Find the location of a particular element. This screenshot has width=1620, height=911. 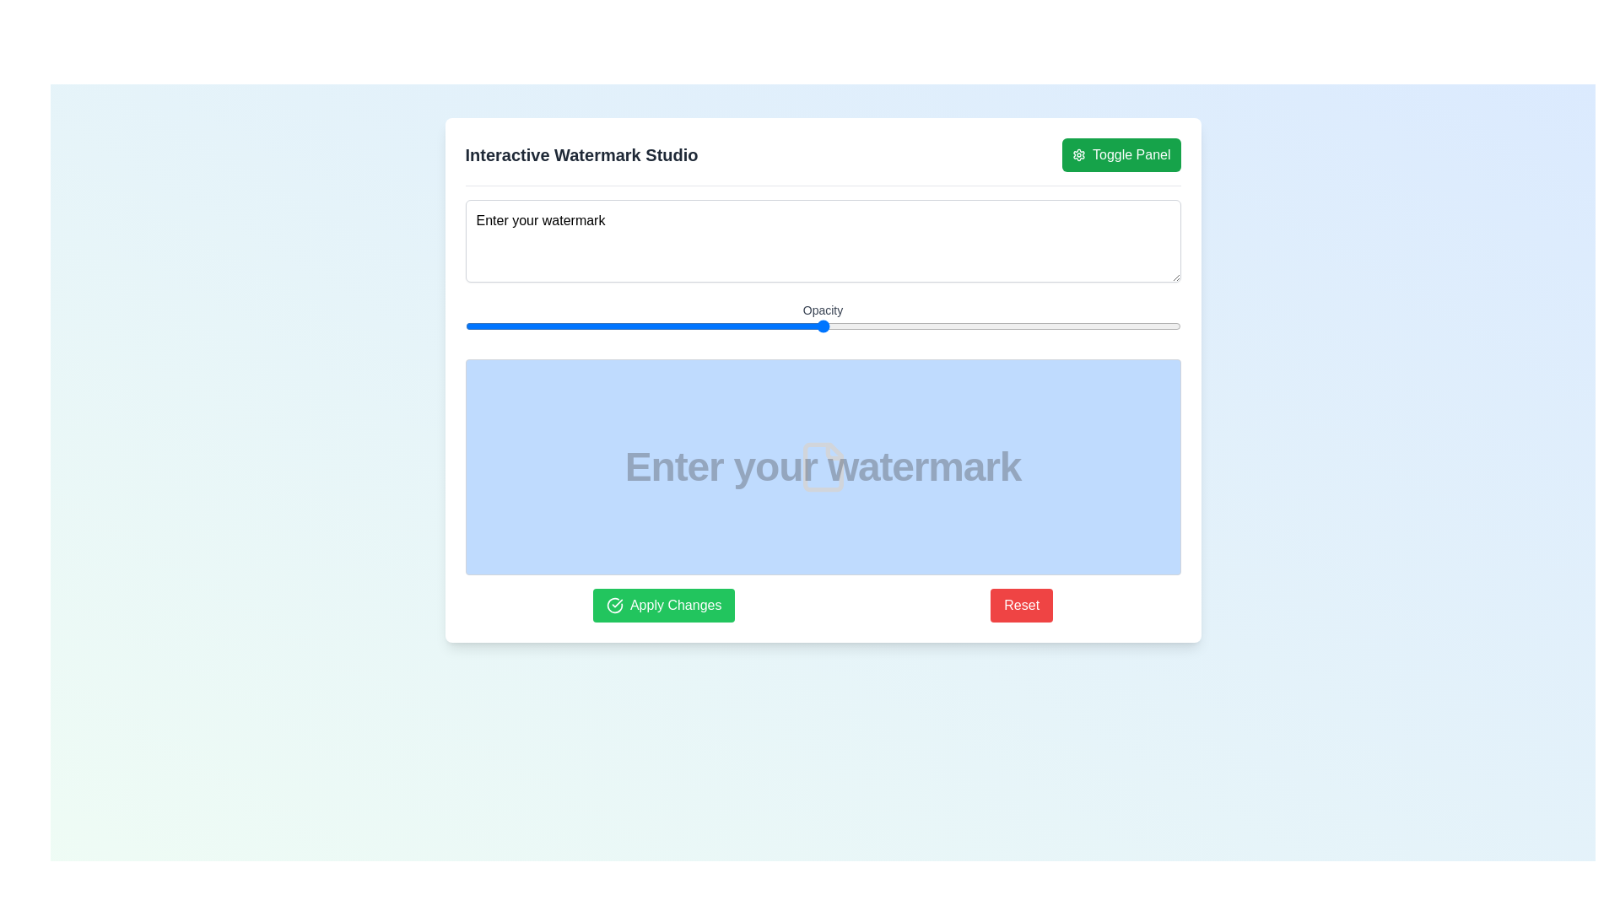

the watermark text element, which is centrally positioned within a blue background area and serves as a guide for user input is located at coordinates (823, 467).